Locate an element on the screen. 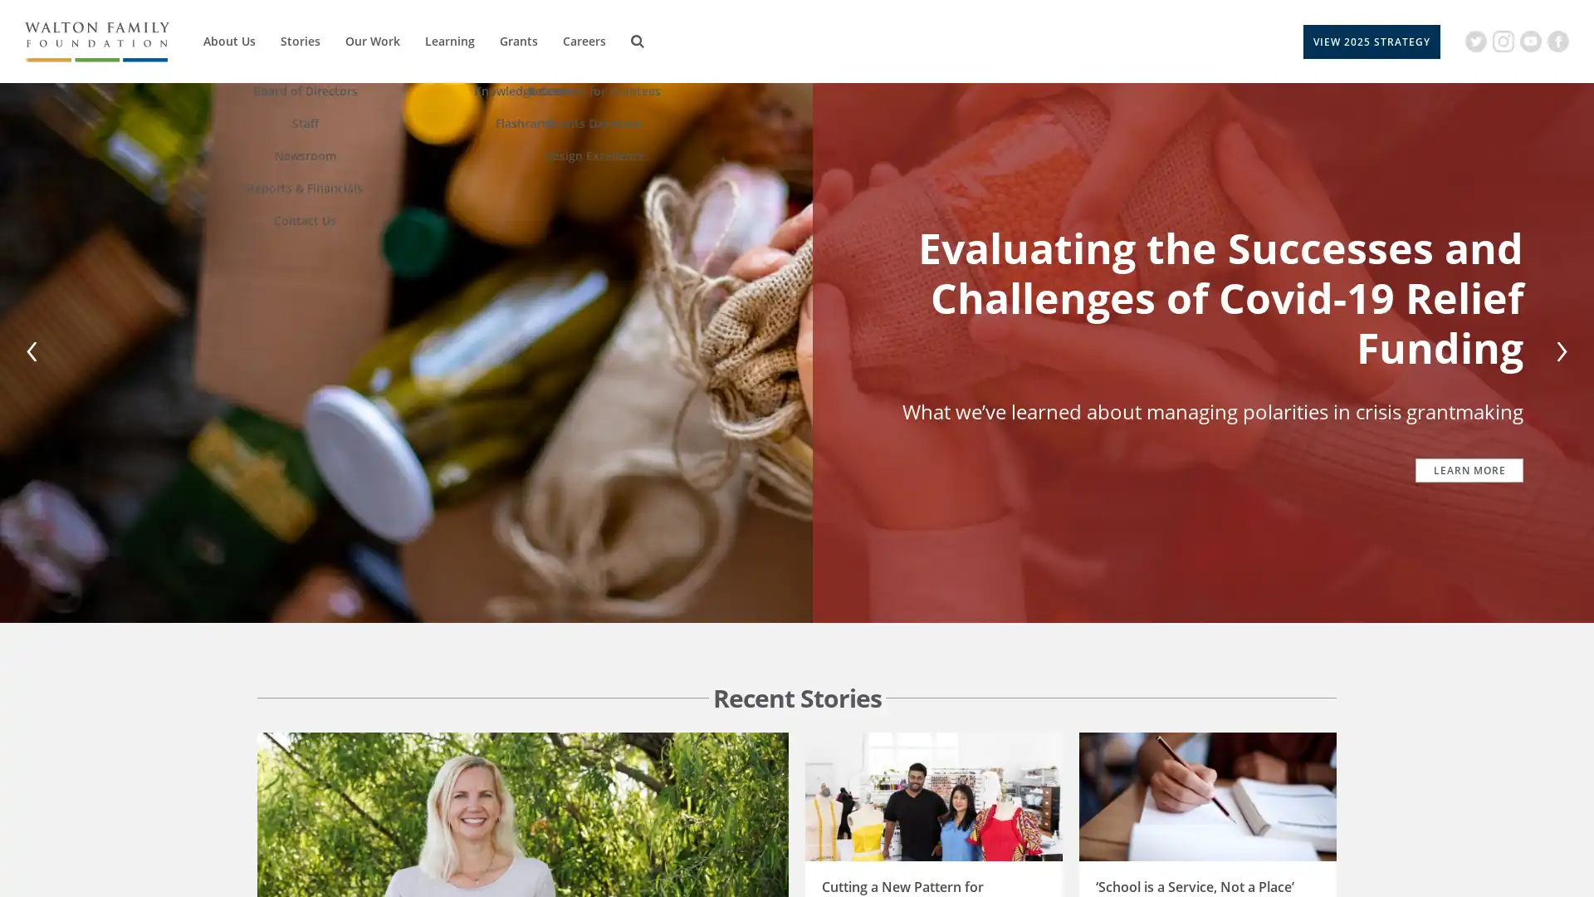 This screenshot has height=897, width=1594. Search is located at coordinates (637, 41).